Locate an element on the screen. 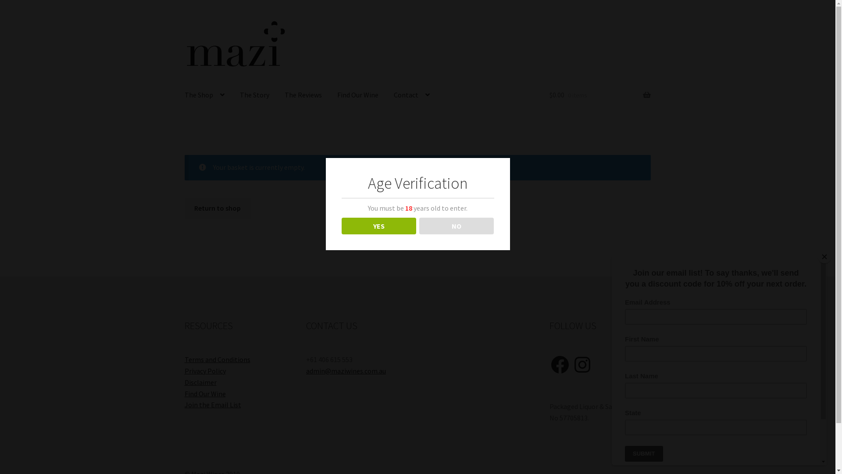  'Contact' is located at coordinates (411, 95).